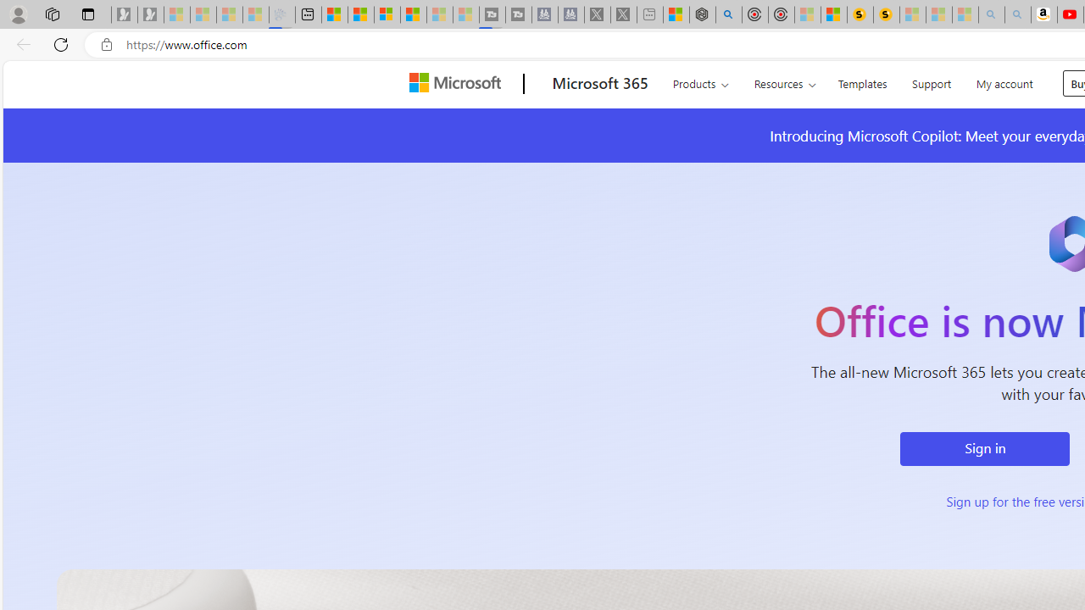 The height and width of the screenshot is (610, 1085). I want to click on 'Microsoft', so click(459, 84).